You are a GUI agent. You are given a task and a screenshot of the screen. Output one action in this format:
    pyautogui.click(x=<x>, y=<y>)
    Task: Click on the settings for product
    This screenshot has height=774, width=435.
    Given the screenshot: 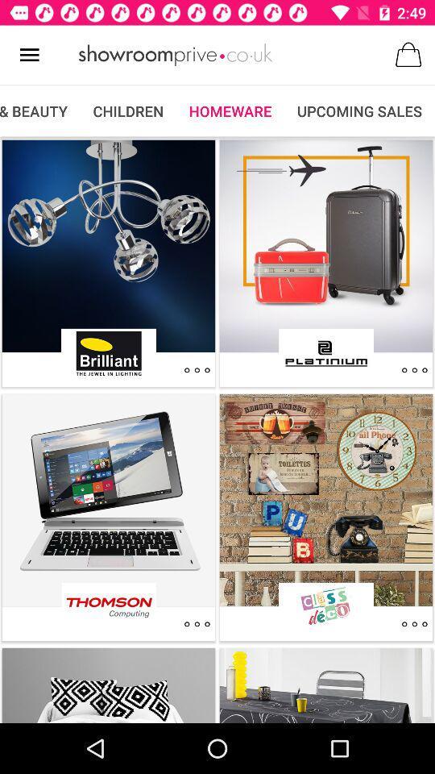 What is the action you would take?
    pyautogui.click(x=414, y=370)
    